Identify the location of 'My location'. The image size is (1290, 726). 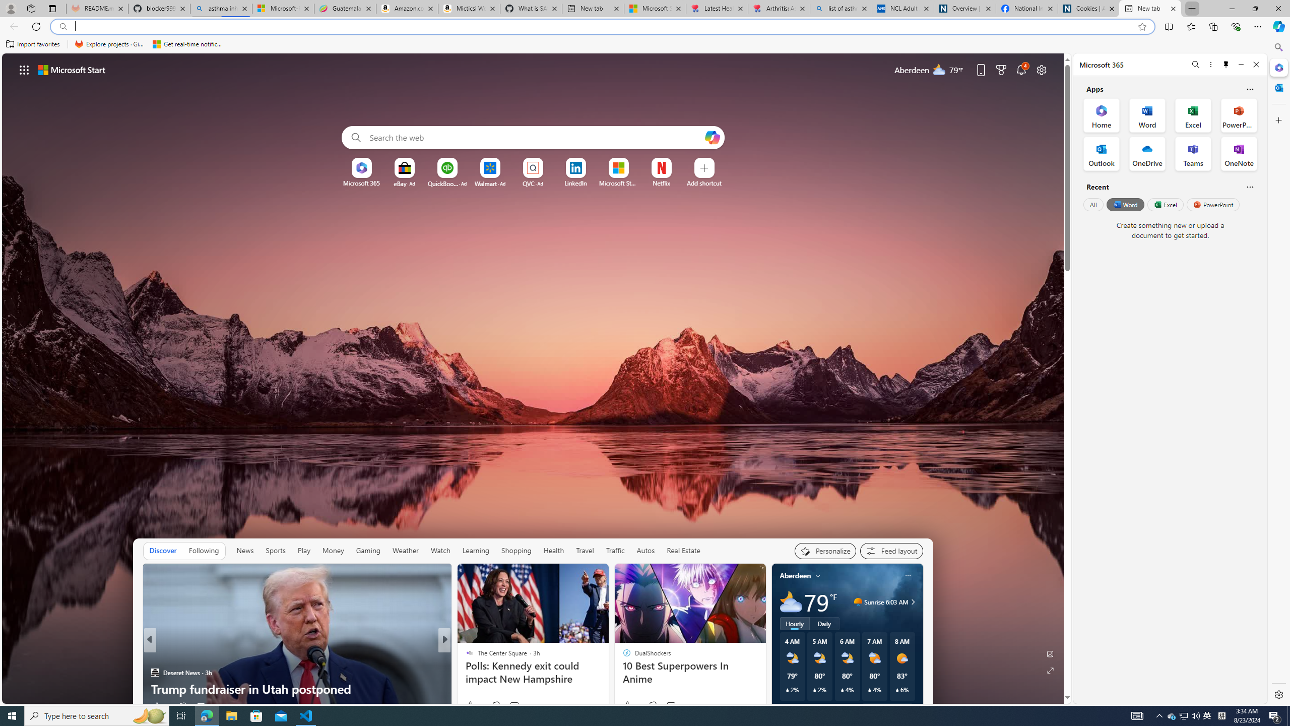
(817, 575).